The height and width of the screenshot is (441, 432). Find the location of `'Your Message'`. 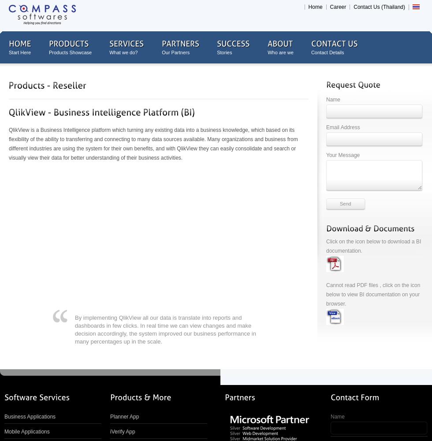

'Your Message' is located at coordinates (326, 155).